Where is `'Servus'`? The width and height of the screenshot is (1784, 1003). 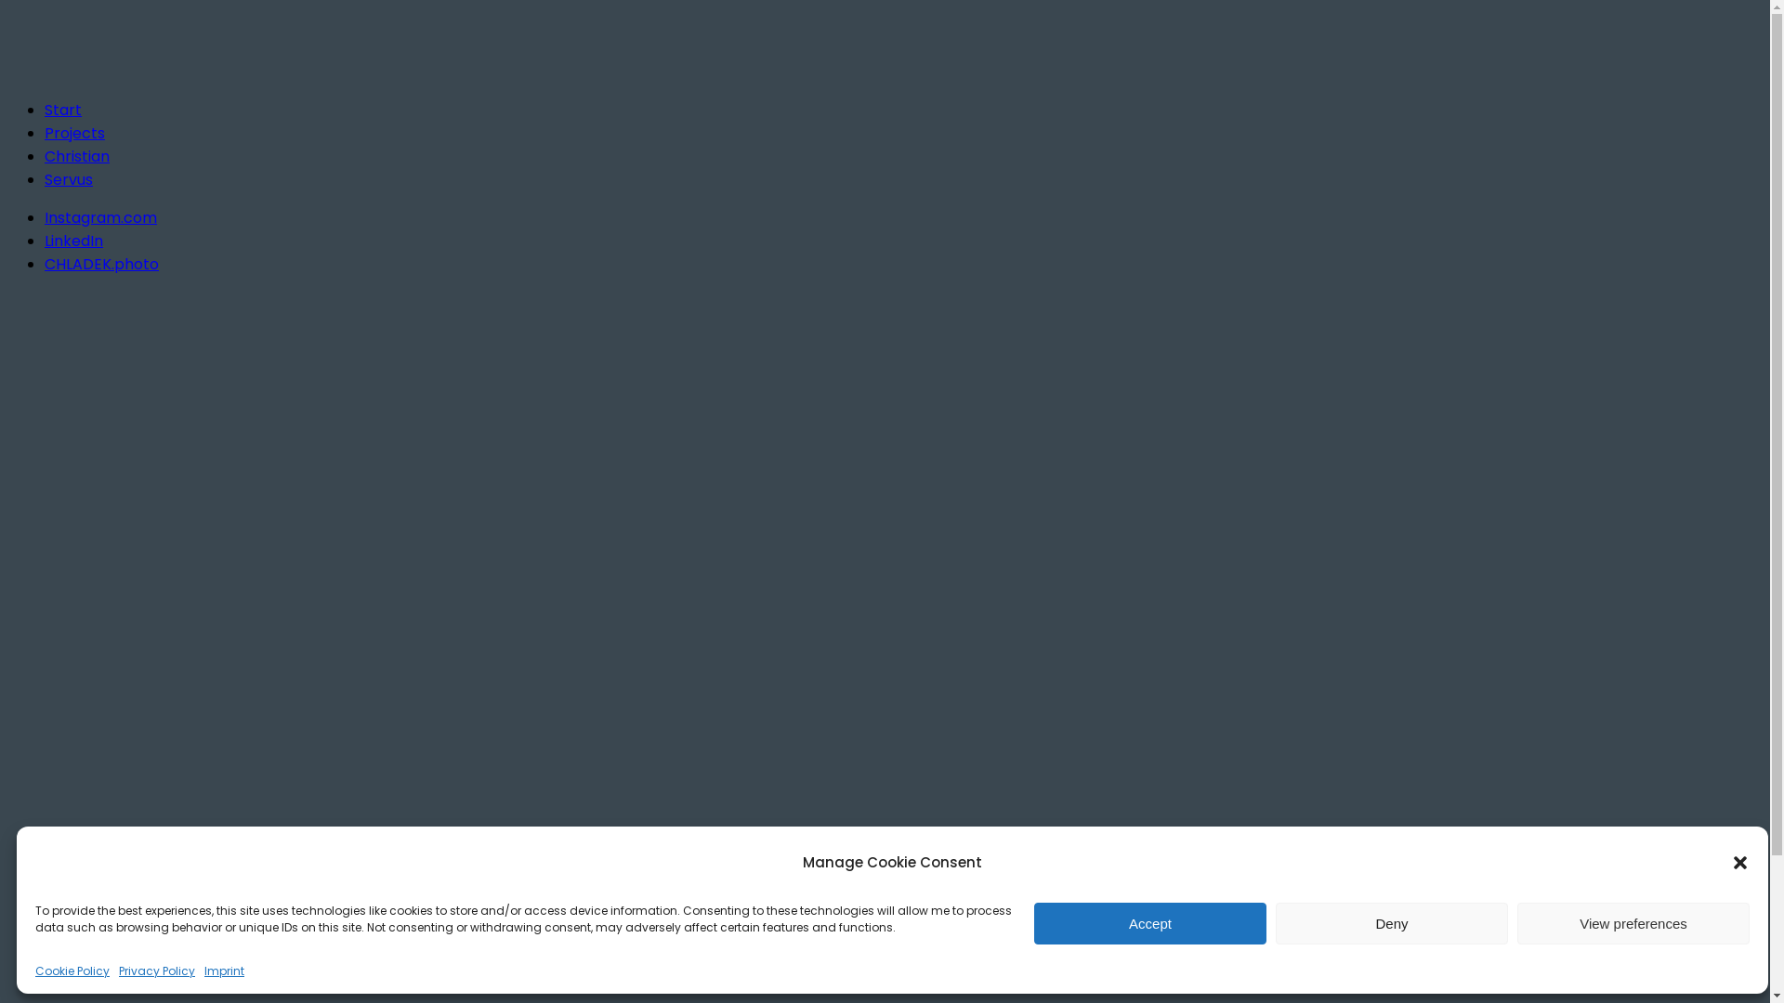
'Servus' is located at coordinates (68, 179).